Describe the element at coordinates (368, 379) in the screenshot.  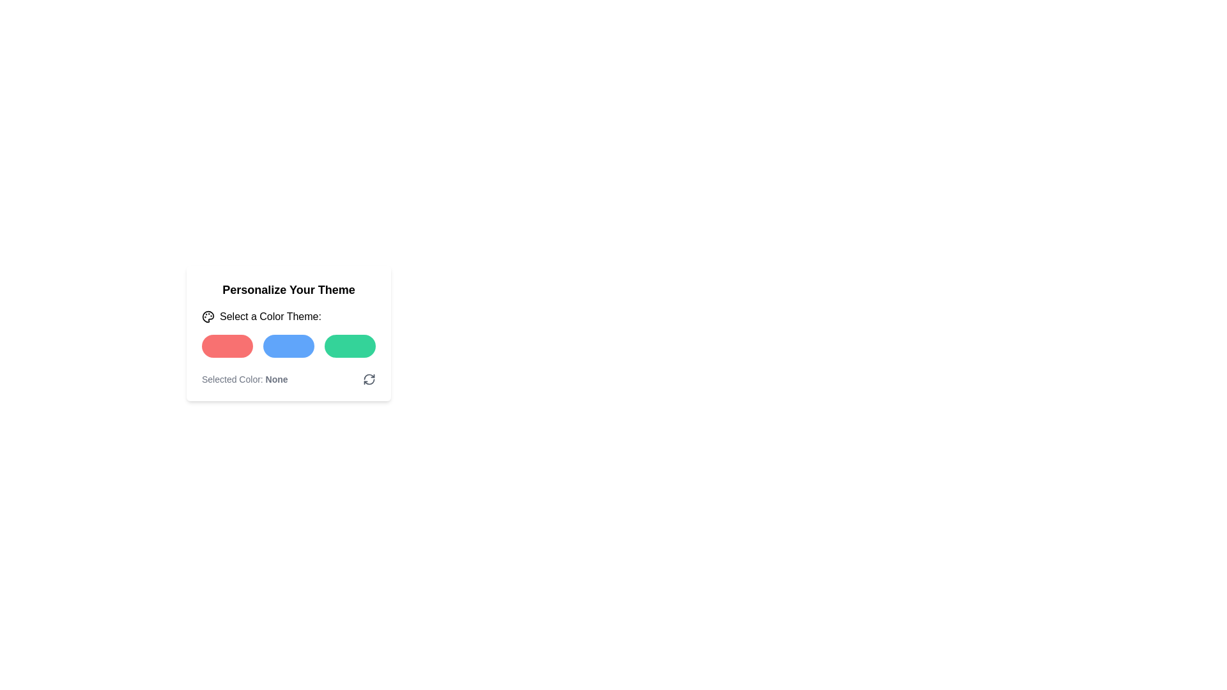
I see `the Icon Button located at the bottom-right corner of the 'Selected Color: None' section to refresh or reset the color selection` at that location.